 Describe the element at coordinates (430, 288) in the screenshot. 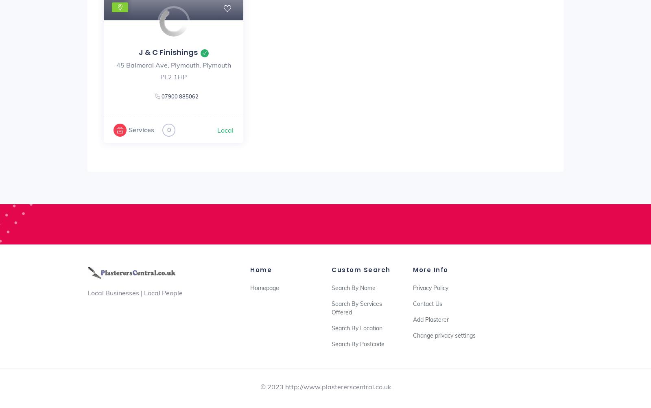

I see `'Privacy Policy'` at that location.